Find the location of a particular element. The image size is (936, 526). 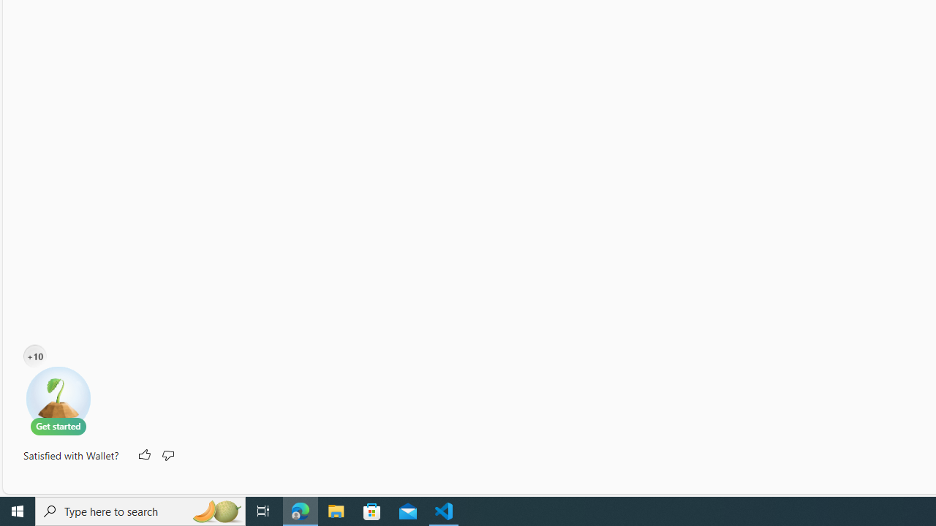

'E-tree' is located at coordinates (58, 400).